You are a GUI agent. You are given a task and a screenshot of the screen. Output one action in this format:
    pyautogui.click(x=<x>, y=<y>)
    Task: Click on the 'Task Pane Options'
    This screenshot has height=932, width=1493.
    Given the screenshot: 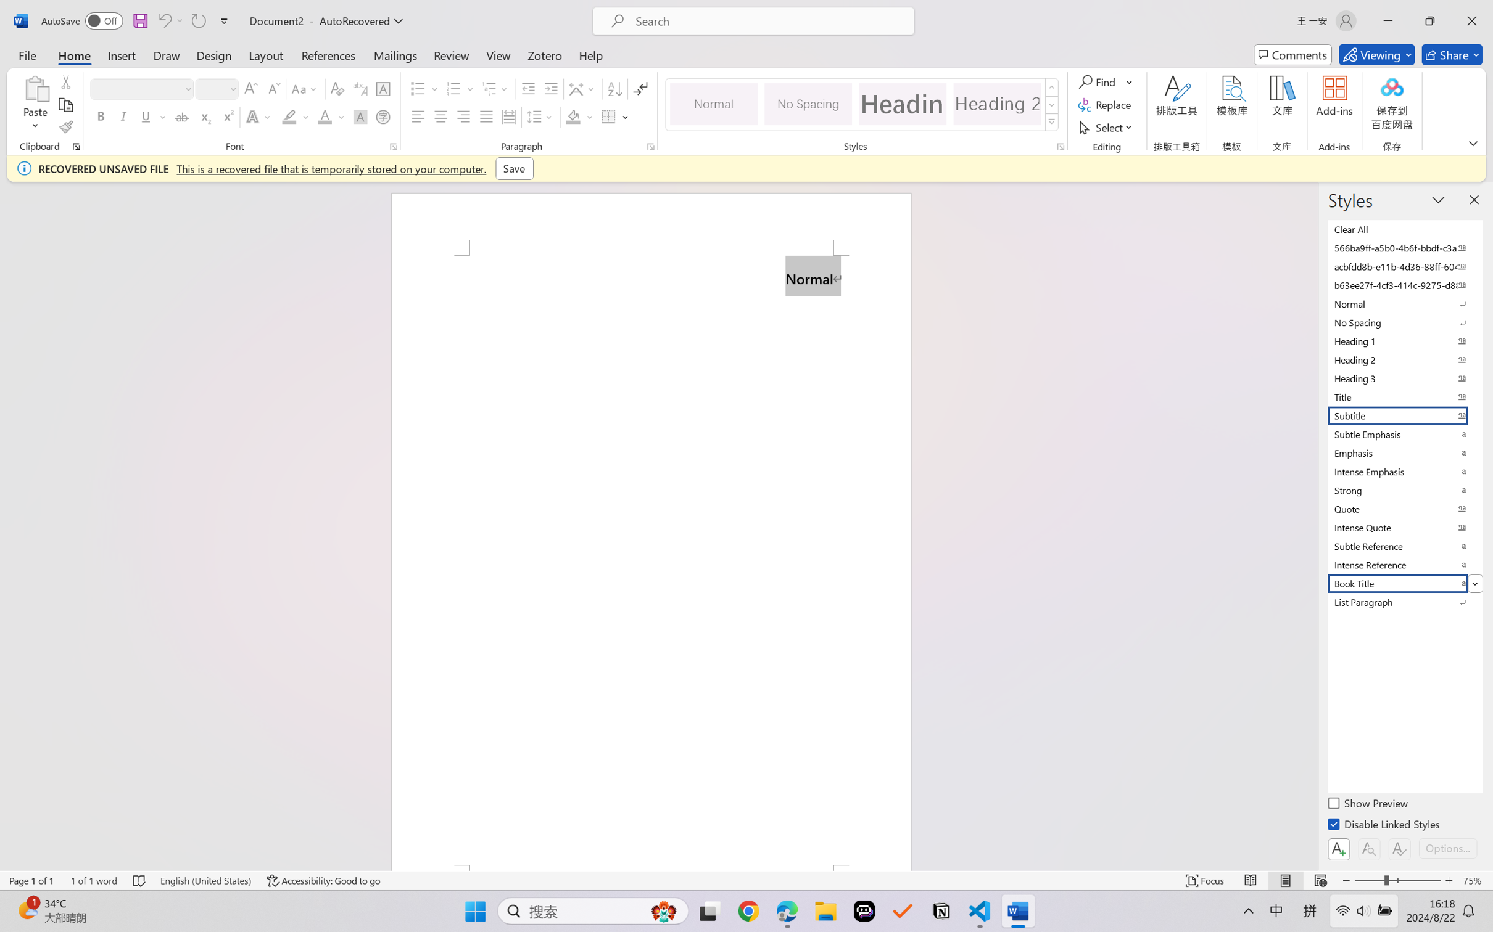 What is the action you would take?
    pyautogui.click(x=1438, y=198)
    